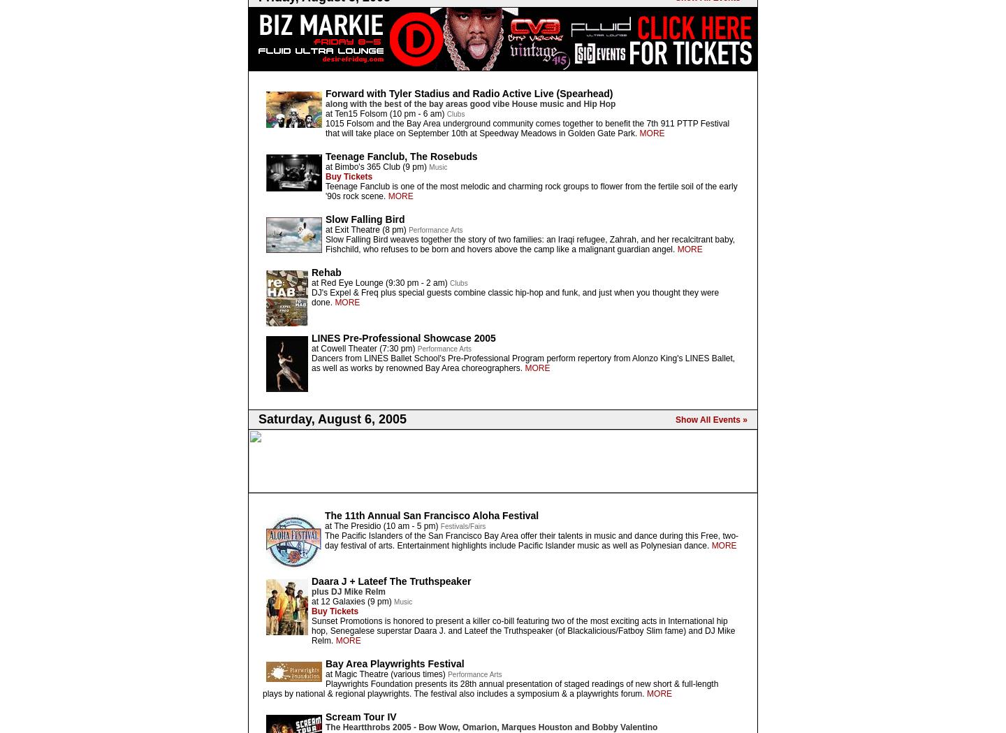  What do you see at coordinates (325, 190) in the screenshot?
I see `'Teenage Fanclub is one of the most melodic and charming rock groups to flower from the fertile soil of the early '90s rock scene.'` at bounding box center [325, 190].